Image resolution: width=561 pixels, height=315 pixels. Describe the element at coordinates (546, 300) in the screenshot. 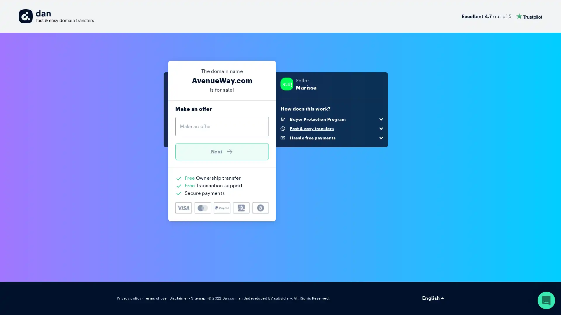

I see `Open Intercom Messenger` at that location.